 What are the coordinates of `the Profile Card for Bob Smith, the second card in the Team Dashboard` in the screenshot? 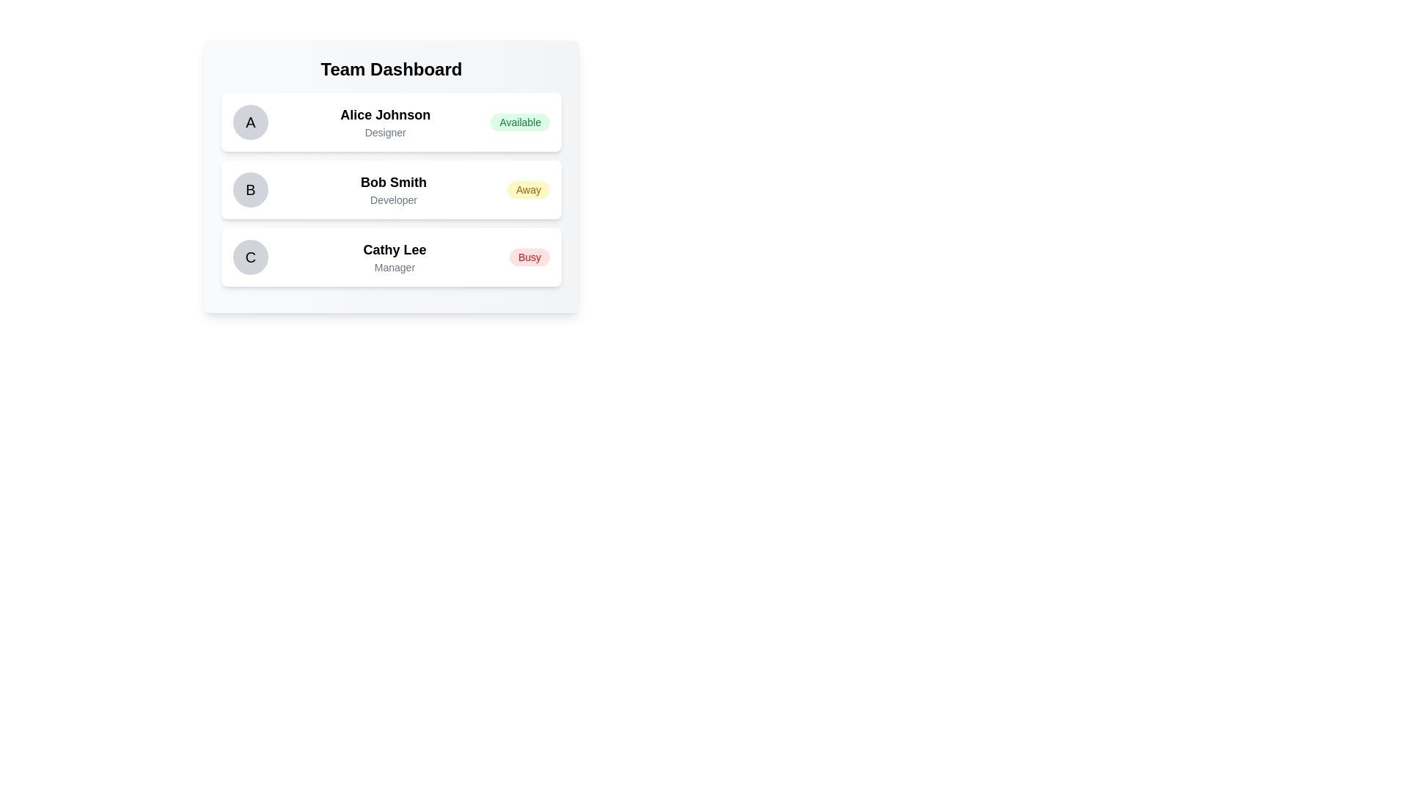 It's located at (391, 188).